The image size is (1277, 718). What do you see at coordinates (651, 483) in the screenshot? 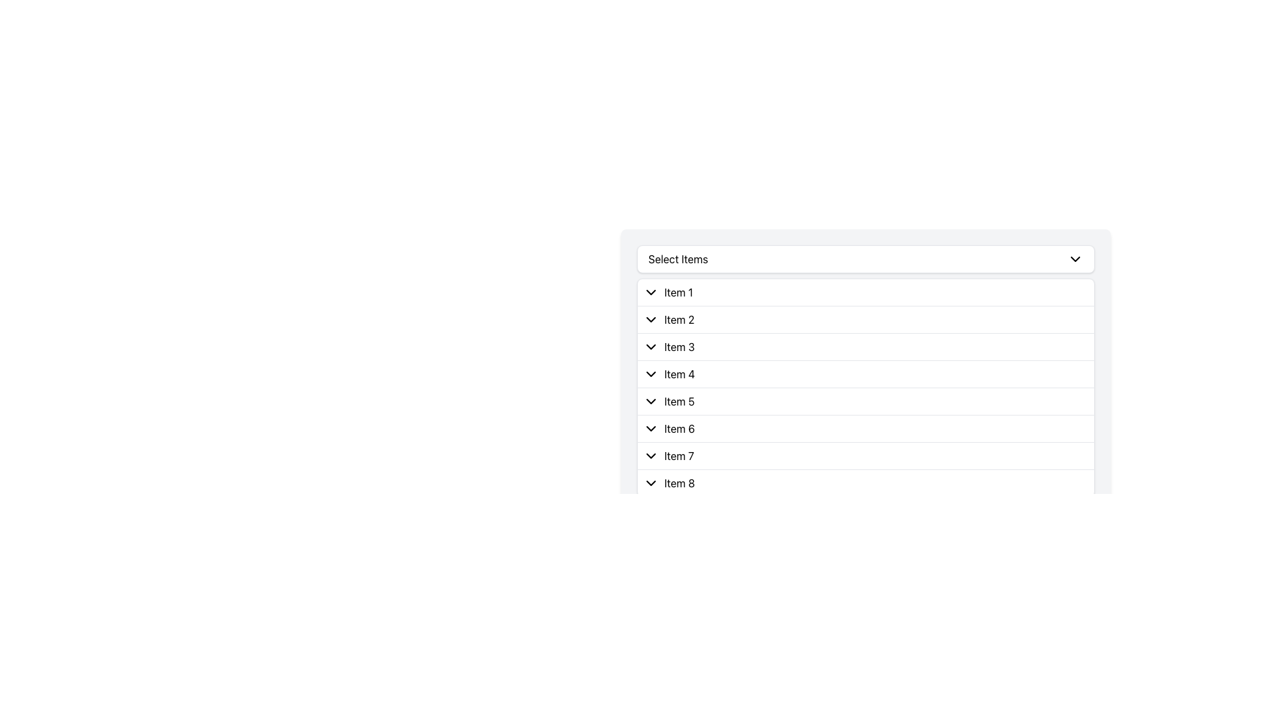
I see `the small chevron-down icon rendered in black that is adjacent to the text 'Item 8'` at bounding box center [651, 483].